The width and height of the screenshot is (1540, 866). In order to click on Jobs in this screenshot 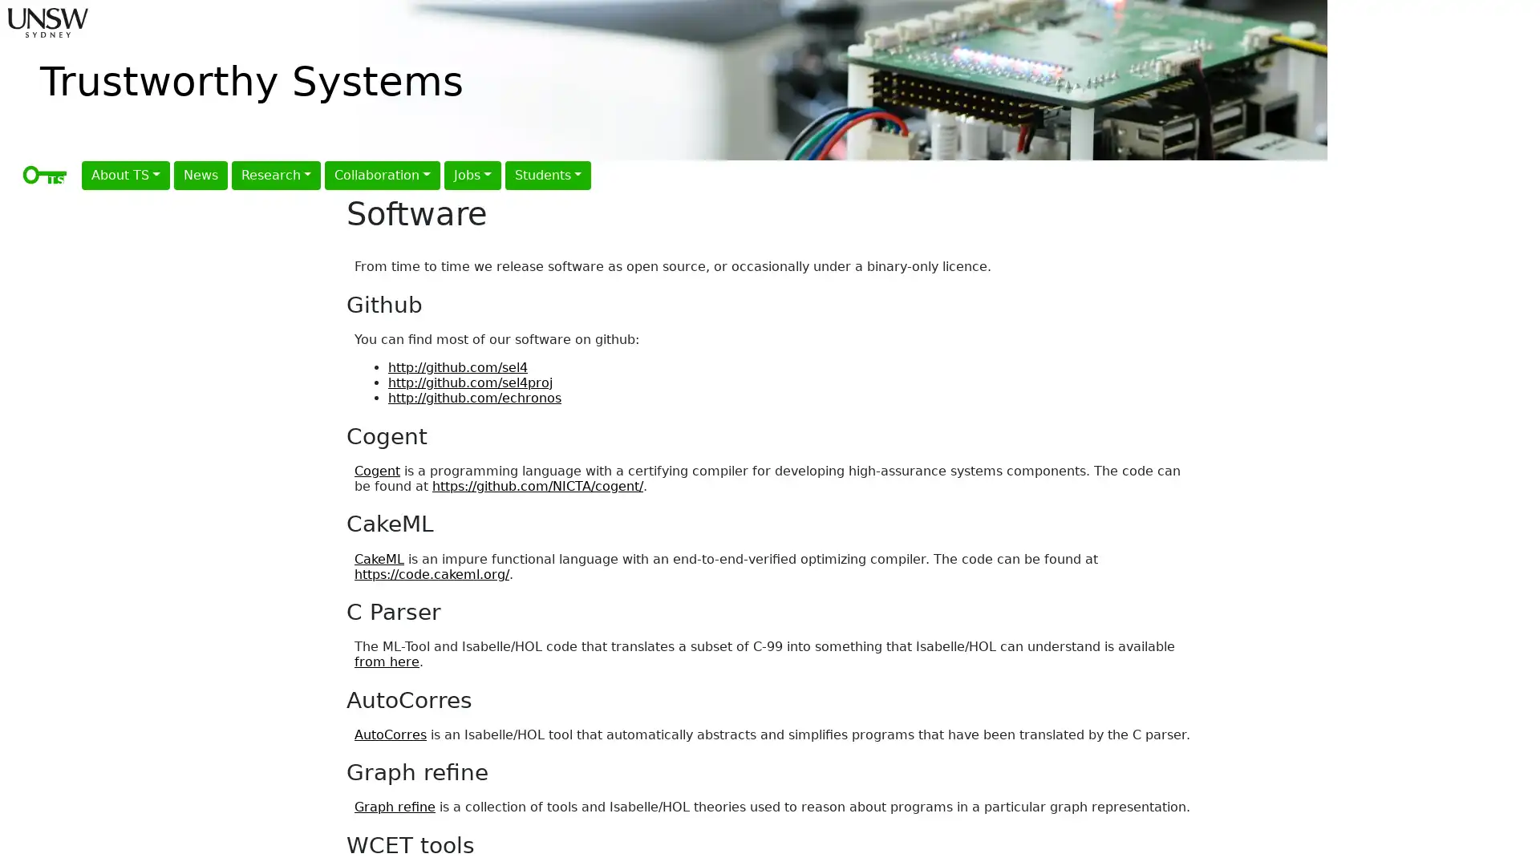, I will do `click(472, 175)`.